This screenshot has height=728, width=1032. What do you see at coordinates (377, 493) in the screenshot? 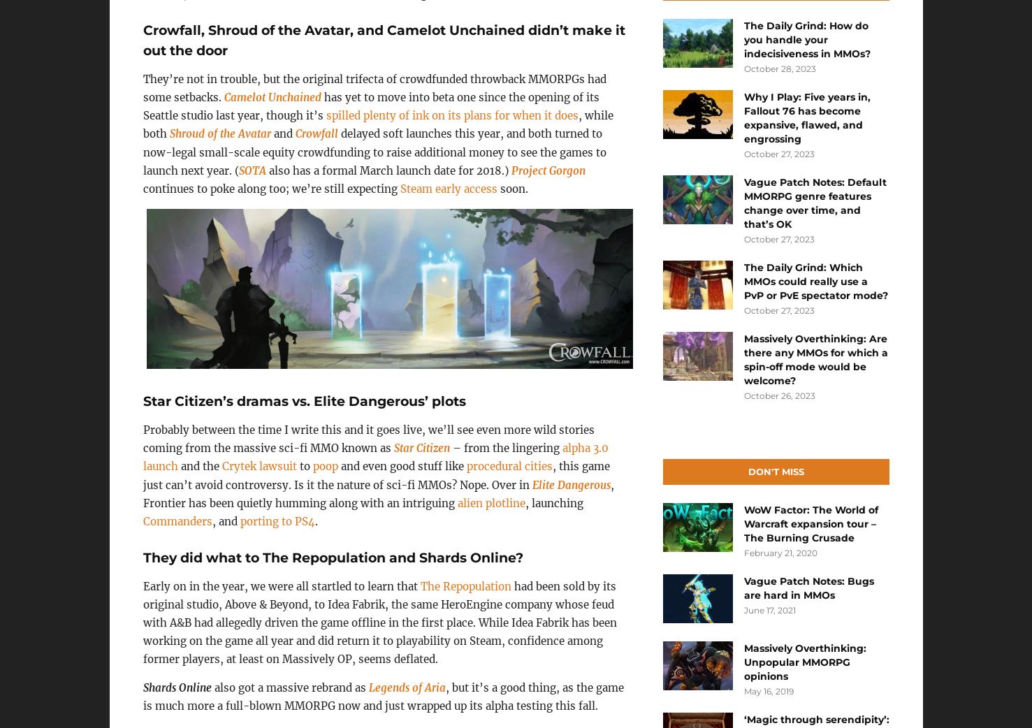
I see `', Frontier has been quietly humming along with an intriguing'` at bounding box center [377, 493].